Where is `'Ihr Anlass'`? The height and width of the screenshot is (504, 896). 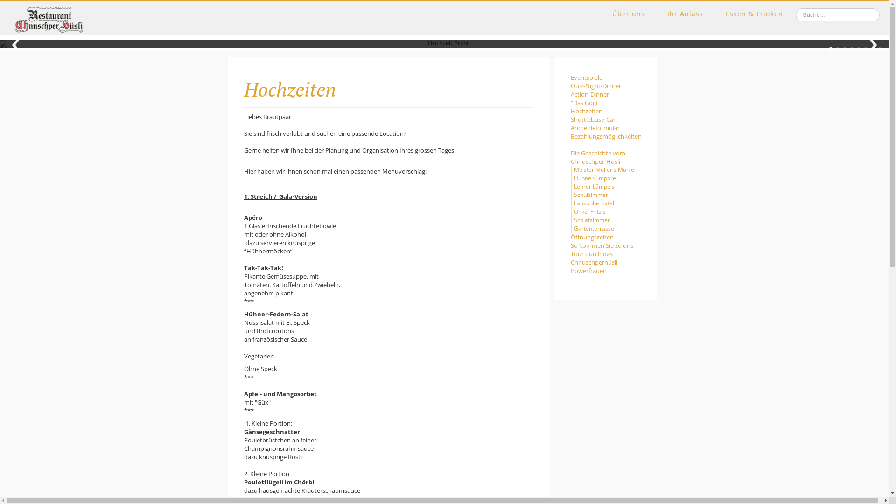 'Ihr Anlass' is located at coordinates (685, 14).